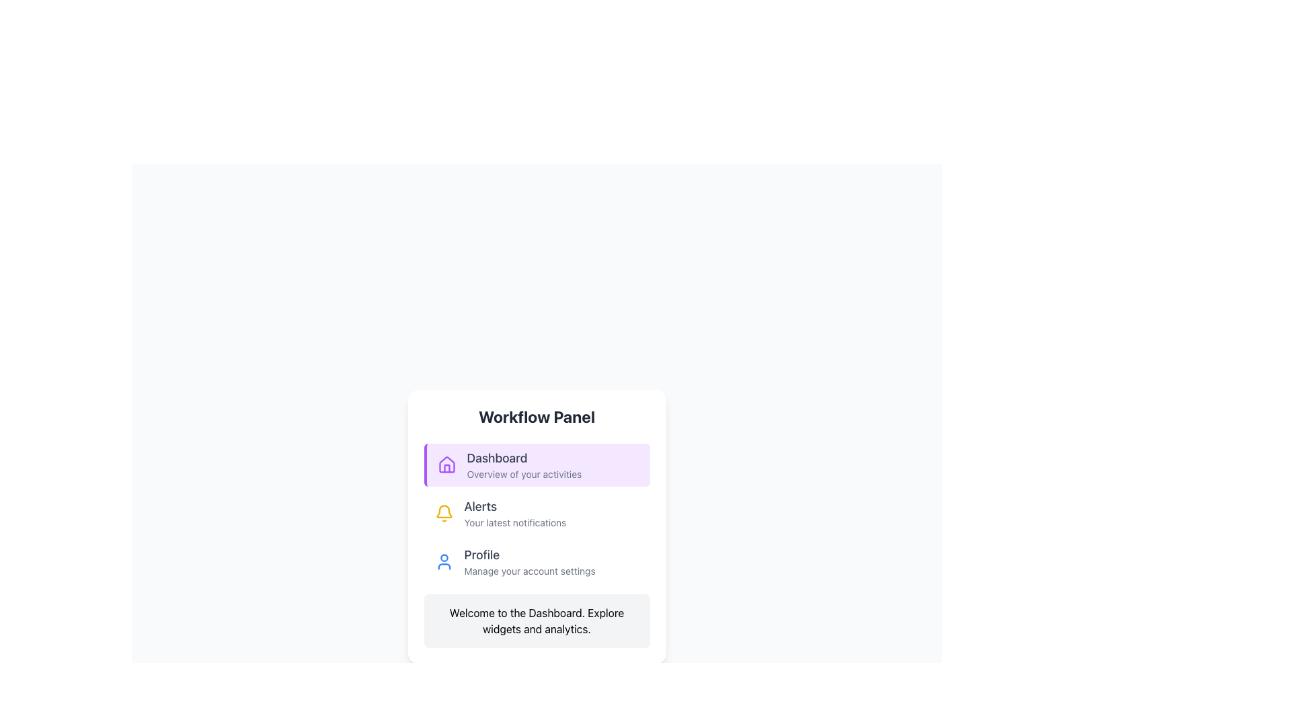 Image resolution: width=1291 pixels, height=726 pixels. Describe the element at coordinates (536, 513) in the screenshot. I see `the 'Alerts' menu item in the Workflow Panel` at that location.